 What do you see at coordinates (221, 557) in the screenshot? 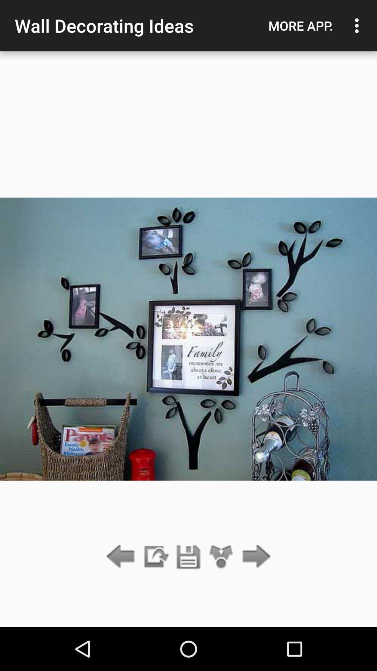
I see `the share icon` at bounding box center [221, 557].